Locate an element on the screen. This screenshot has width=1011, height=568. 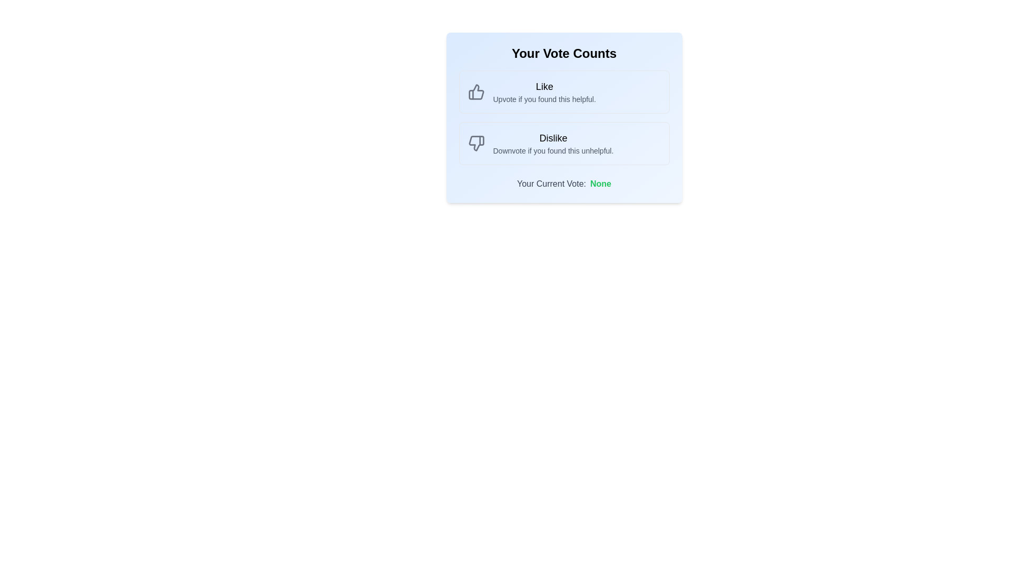
the 'Dislike' button, which features a thumbs-down icon and the text 'Dislike' and 'Downvote if you found this unhelpful.' is located at coordinates (563, 144).